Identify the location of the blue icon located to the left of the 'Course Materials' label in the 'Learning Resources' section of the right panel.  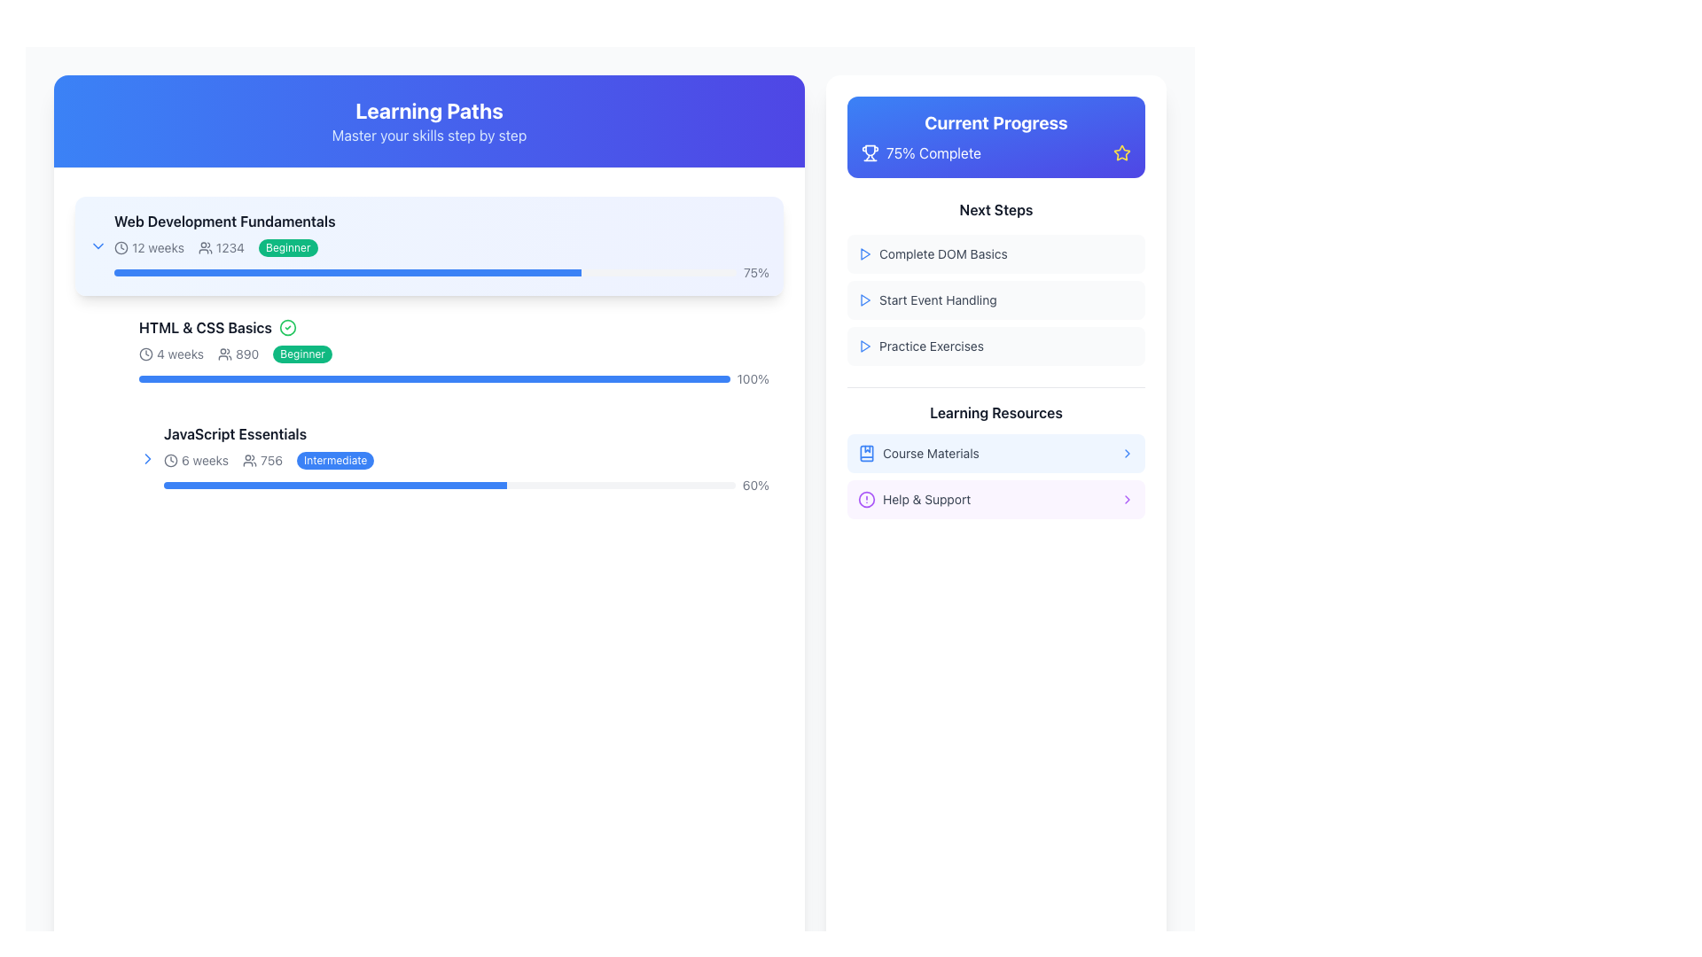
(867, 453).